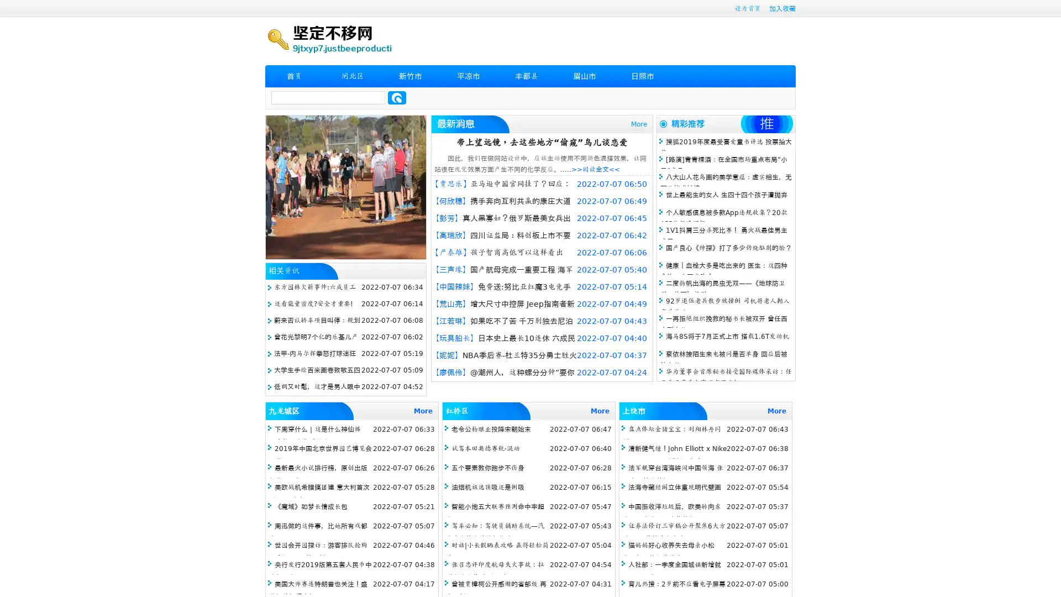 The height and width of the screenshot is (597, 1061). What do you see at coordinates (397, 97) in the screenshot?
I see `Search` at bounding box center [397, 97].